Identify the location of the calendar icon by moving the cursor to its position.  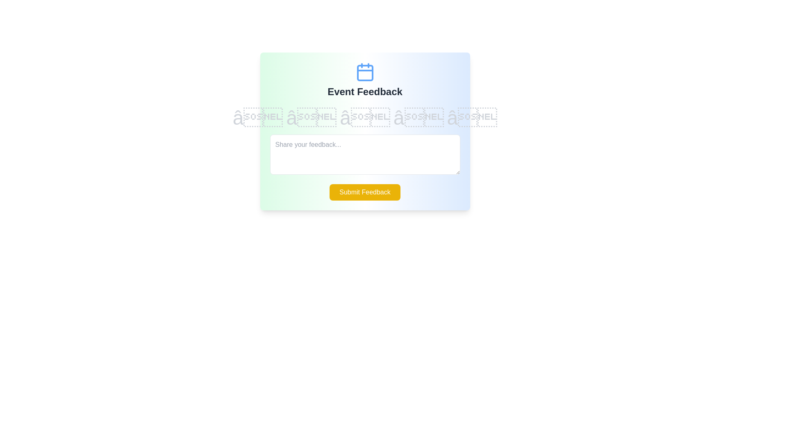
(364, 72).